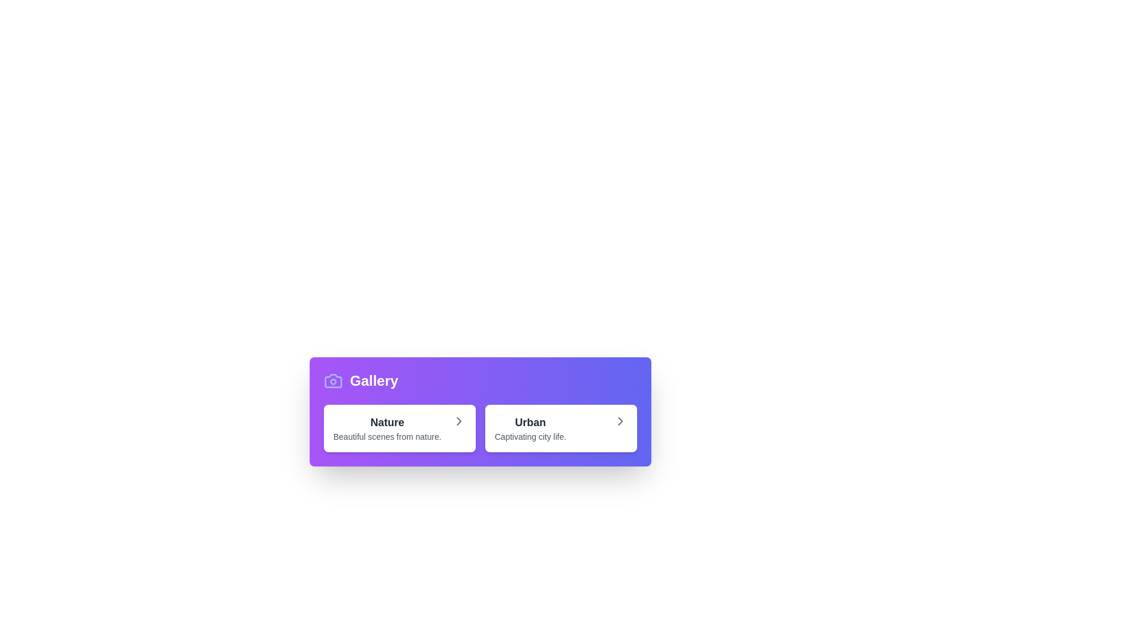 The height and width of the screenshot is (641, 1139). Describe the element at coordinates (387, 437) in the screenshot. I see `the text label displaying 'Beautiful scenes from nature.', which is styled with a smaller font size and gray color, located below the bold gray text 'Nature' in a card layout` at that location.